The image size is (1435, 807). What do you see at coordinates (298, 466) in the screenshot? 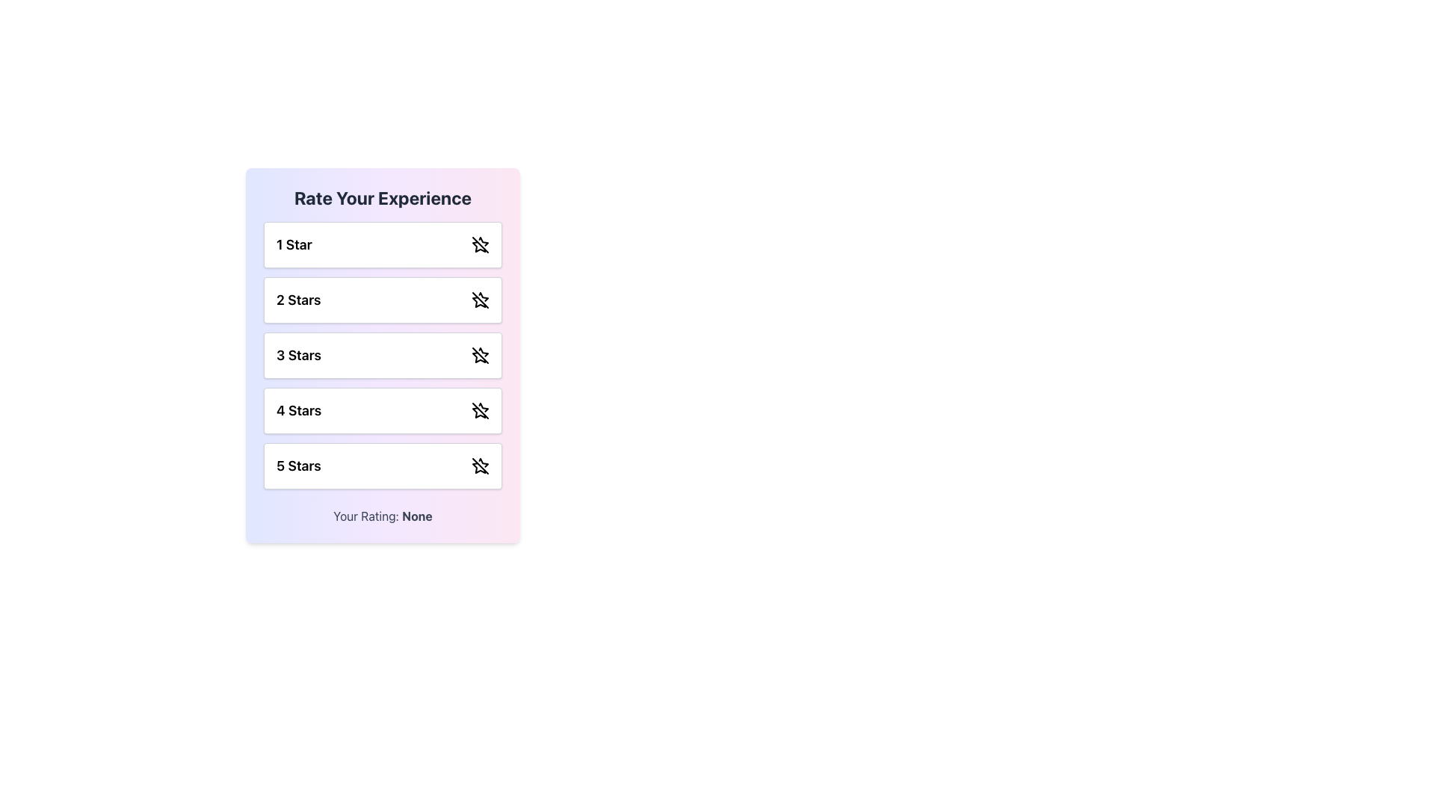
I see `the '5 Stars' text label, which is the fifth and final item in a vertically stacked list of rating options located at the bottom of the panel` at bounding box center [298, 466].